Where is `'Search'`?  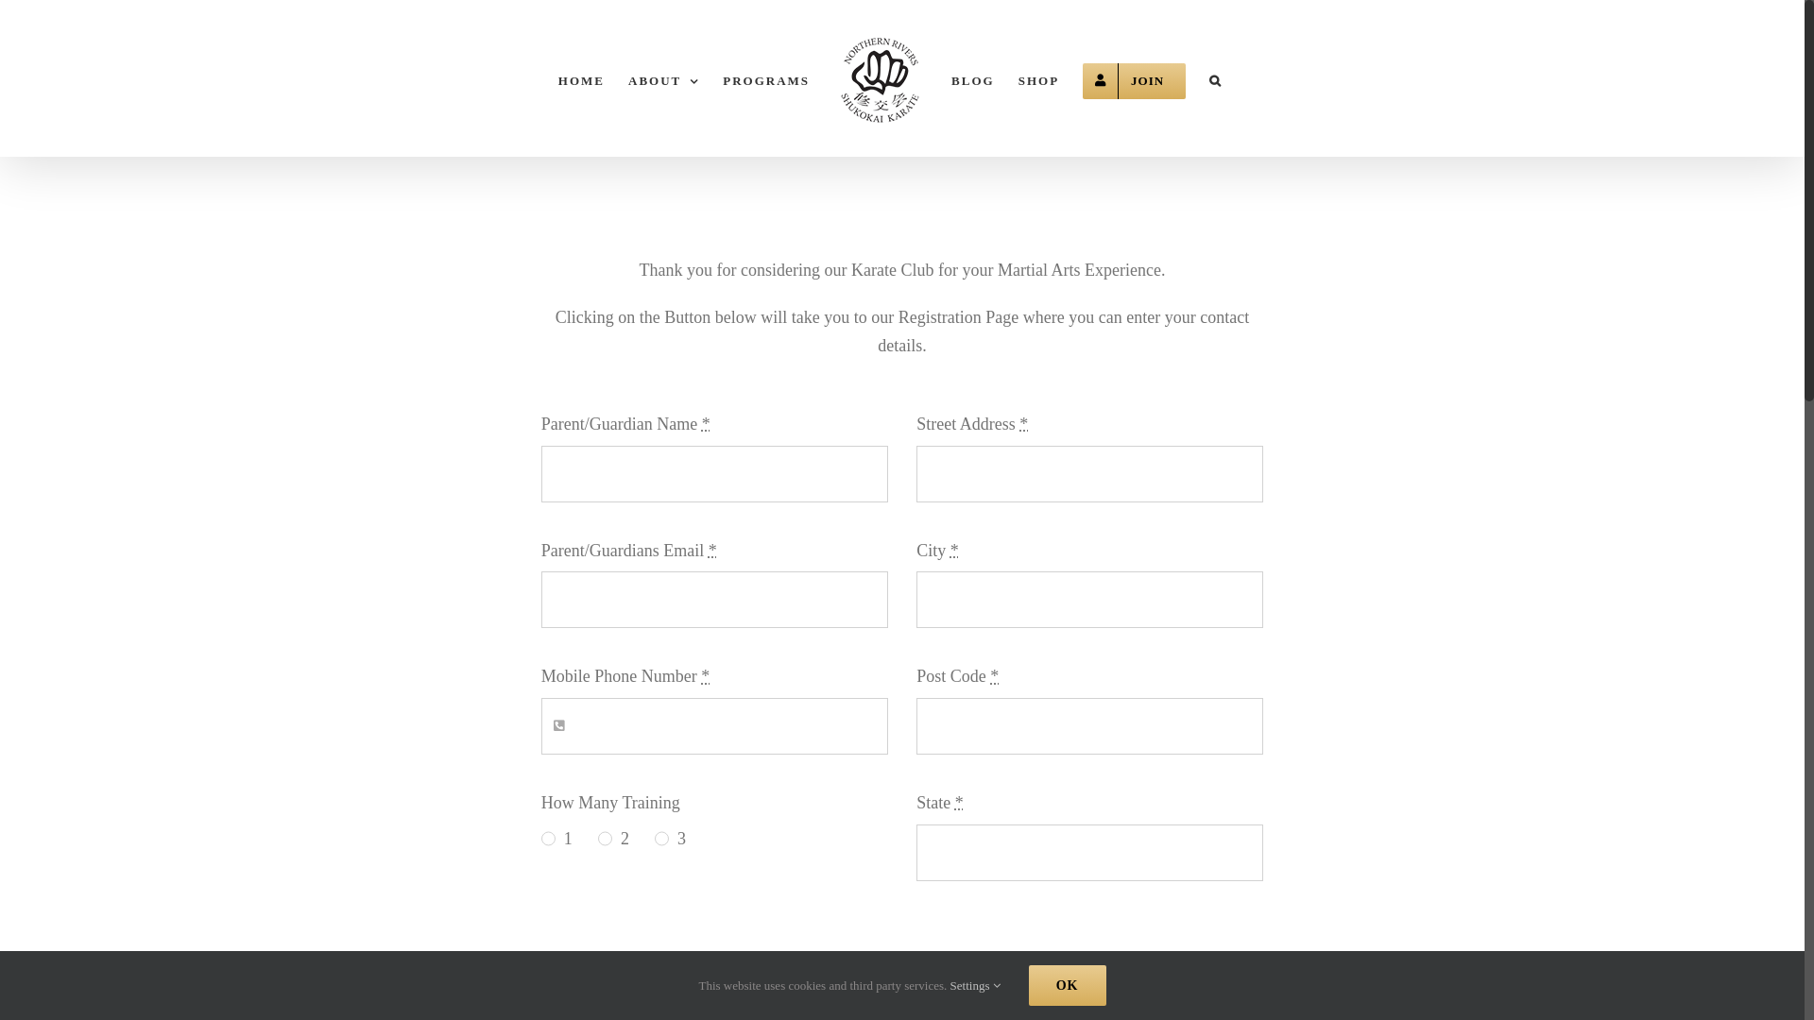 'Search' is located at coordinates (1215, 77).